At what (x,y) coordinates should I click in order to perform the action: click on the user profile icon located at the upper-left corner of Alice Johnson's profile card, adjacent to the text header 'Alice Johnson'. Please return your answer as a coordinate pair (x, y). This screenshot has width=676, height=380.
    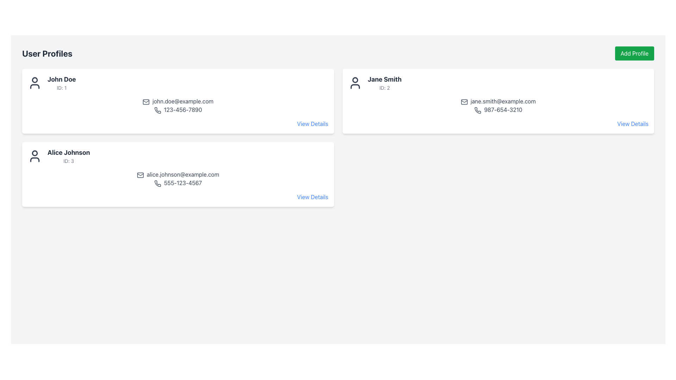
    Looking at the image, I should click on (35, 156).